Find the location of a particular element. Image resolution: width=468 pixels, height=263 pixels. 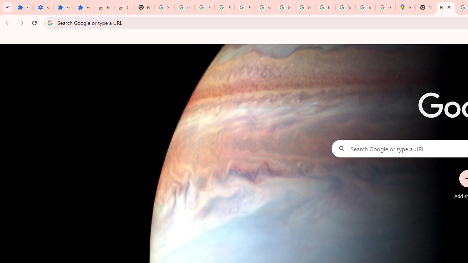

'Google Maps' is located at coordinates (405, 7).